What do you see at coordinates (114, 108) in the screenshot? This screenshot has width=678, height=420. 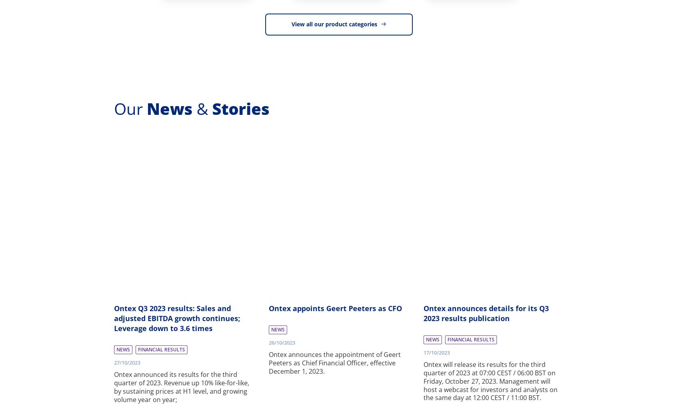 I see `'Our'` at bounding box center [114, 108].